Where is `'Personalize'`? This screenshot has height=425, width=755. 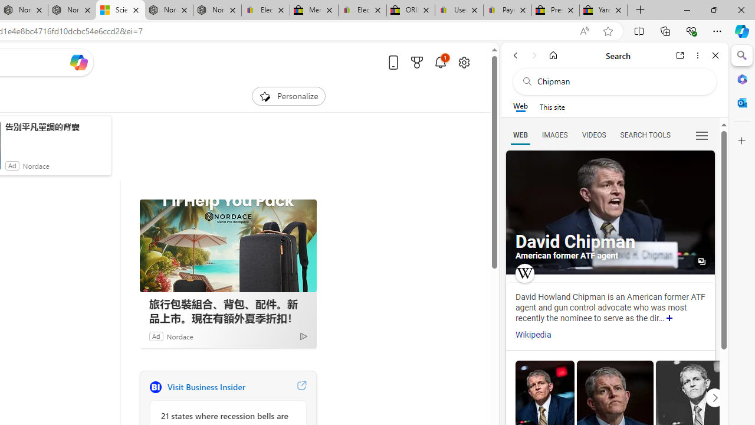
'Personalize' is located at coordinates (288, 96).